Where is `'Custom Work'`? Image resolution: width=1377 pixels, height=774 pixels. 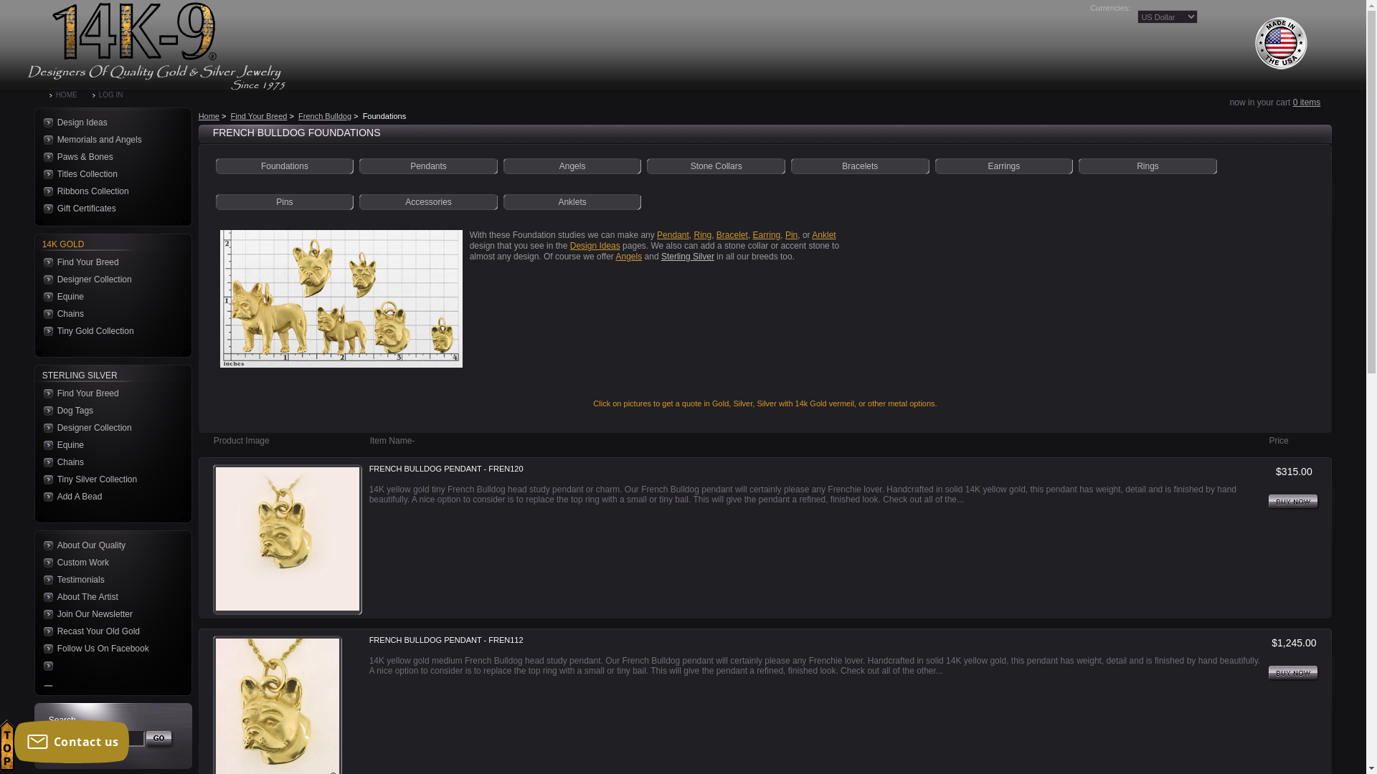 'Custom Work' is located at coordinates (108, 562).